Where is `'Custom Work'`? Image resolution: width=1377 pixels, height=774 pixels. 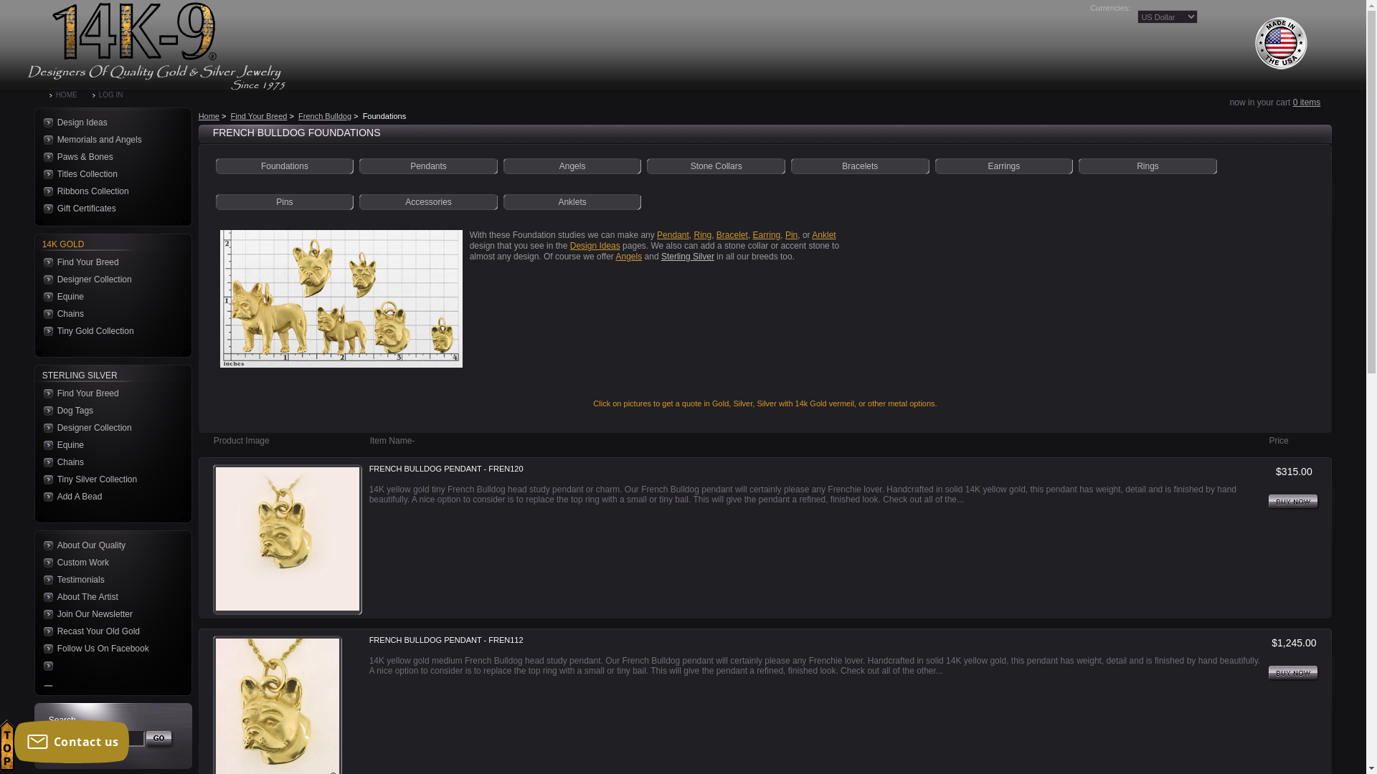 'Custom Work' is located at coordinates (108, 562).